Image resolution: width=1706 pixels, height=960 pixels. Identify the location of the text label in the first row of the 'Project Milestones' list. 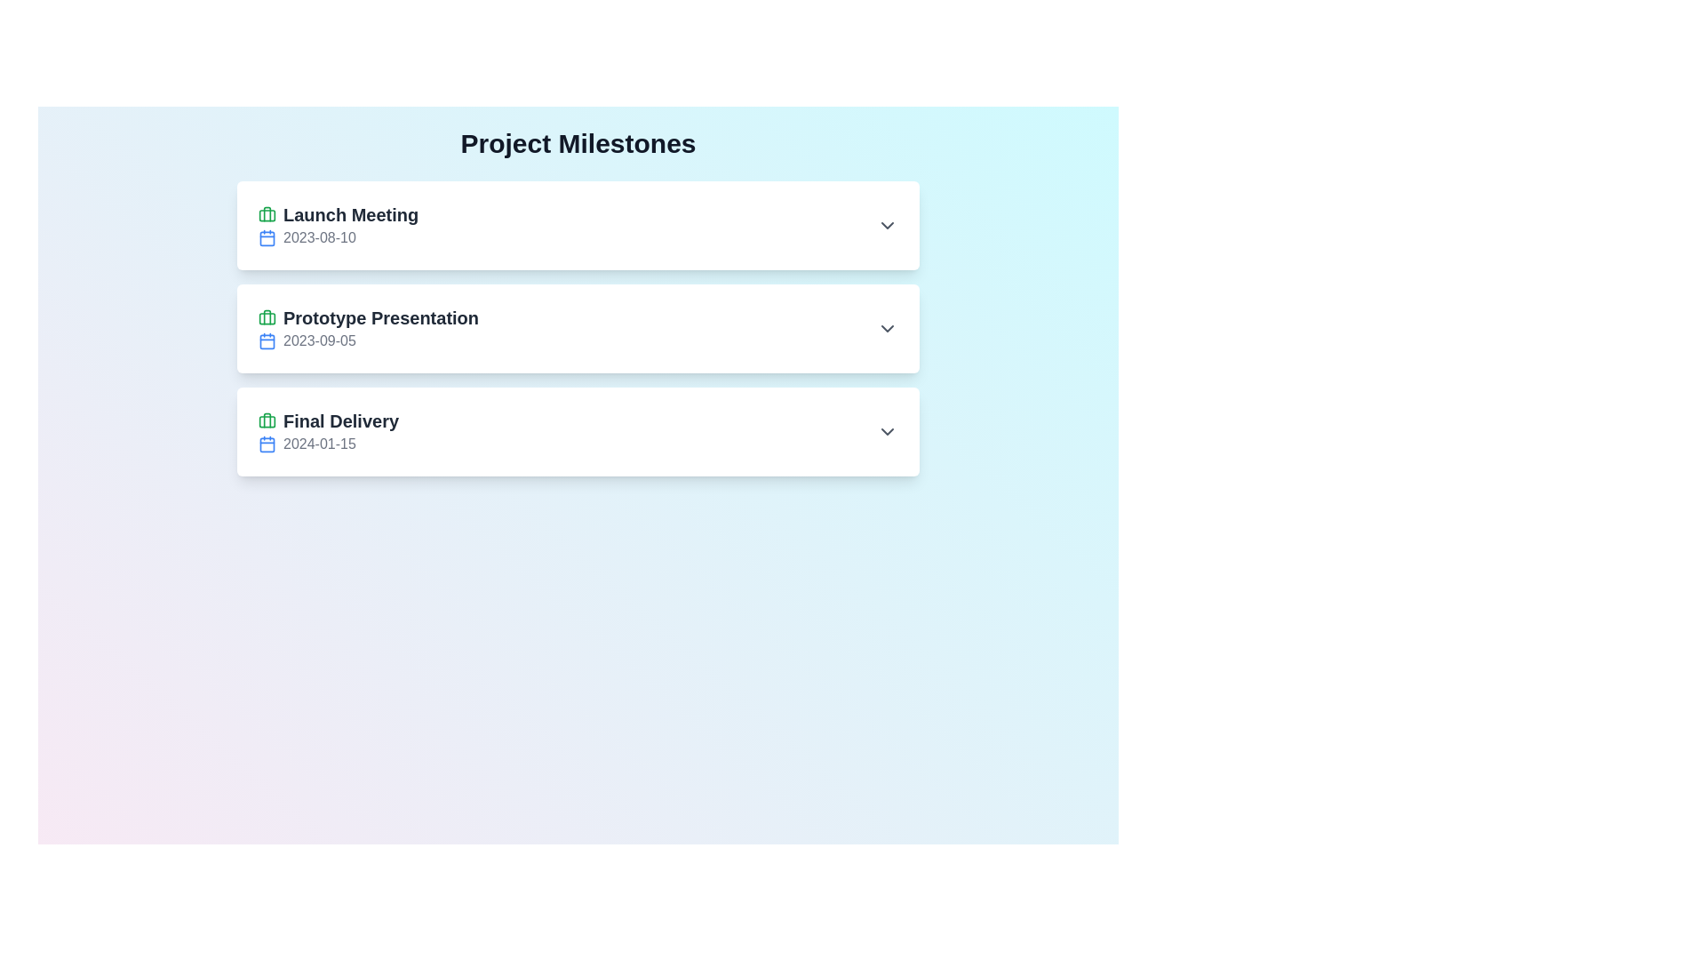
(339, 214).